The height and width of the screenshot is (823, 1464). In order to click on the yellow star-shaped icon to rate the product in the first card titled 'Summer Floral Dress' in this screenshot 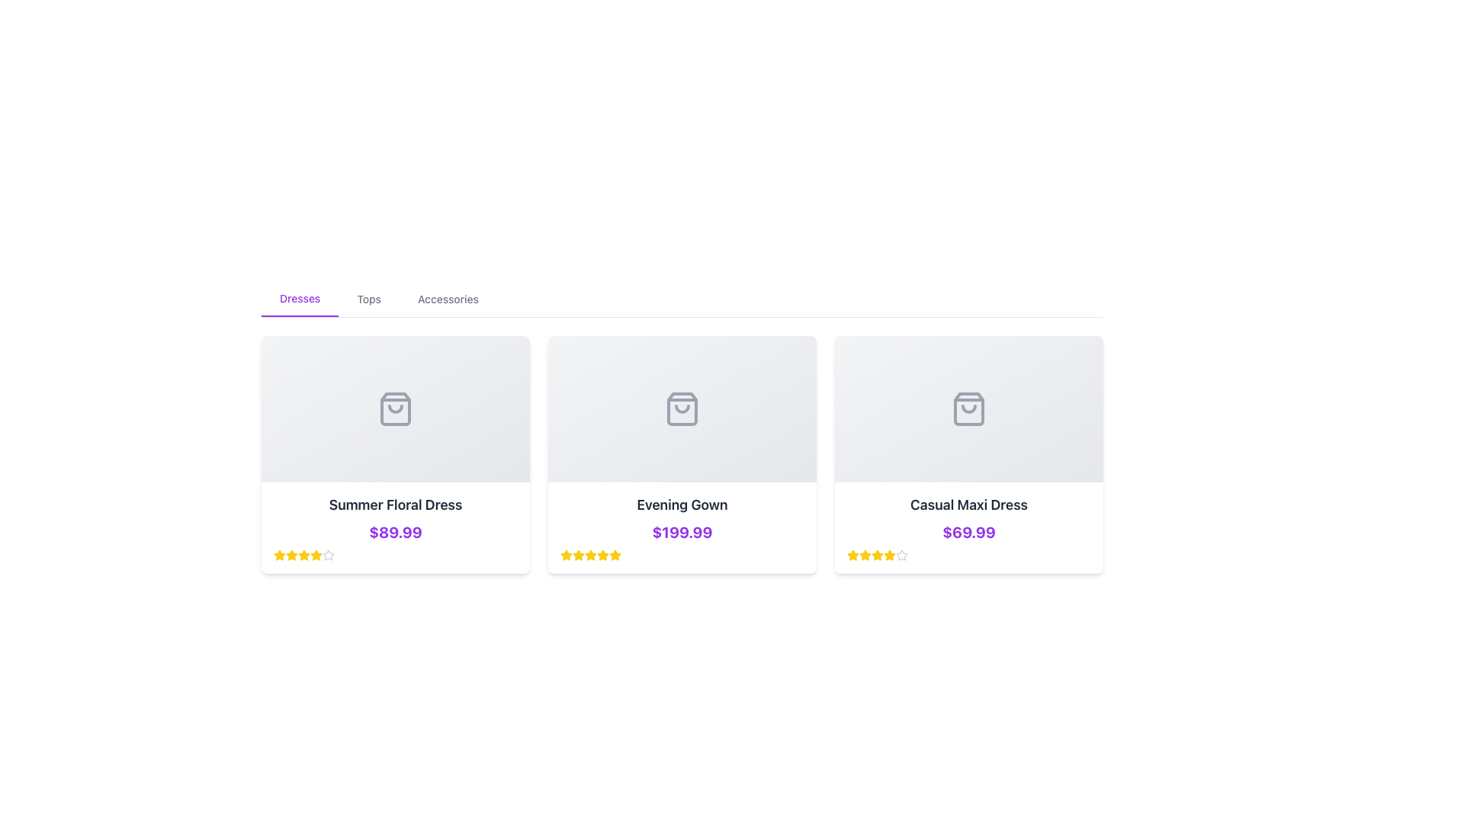, I will do `click(303, 555)`.